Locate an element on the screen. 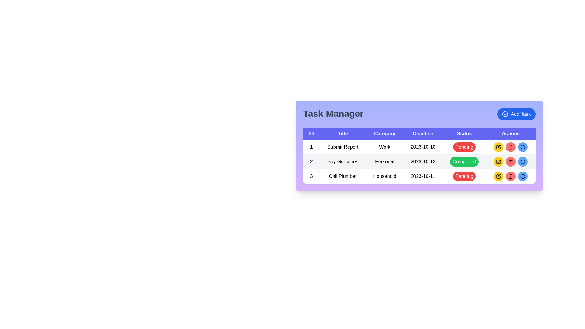 The image size is (585, 329). the middle icon with a red background in the 'Actions' field of the 'Task Manager' table associated with the task 'Buy Groceries' to initiate a delete action is located at coordinates (511, 161).